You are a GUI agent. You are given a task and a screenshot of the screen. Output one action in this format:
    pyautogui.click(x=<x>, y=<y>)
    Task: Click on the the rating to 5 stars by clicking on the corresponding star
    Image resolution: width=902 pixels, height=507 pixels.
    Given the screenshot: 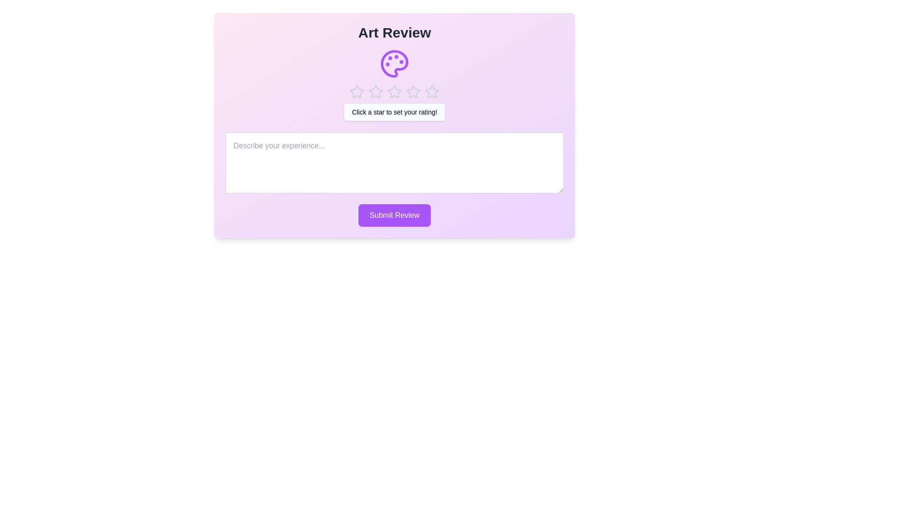 What is the action you would take?
    pyautogui.click(x=432, y=92)
    